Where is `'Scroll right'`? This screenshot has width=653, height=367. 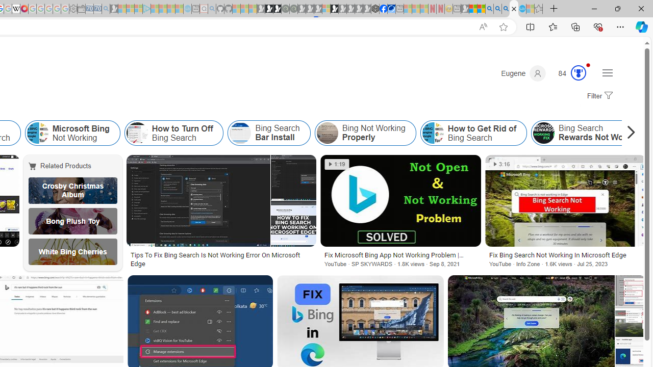 'Scroll right' is located at coordinates (628, 133).